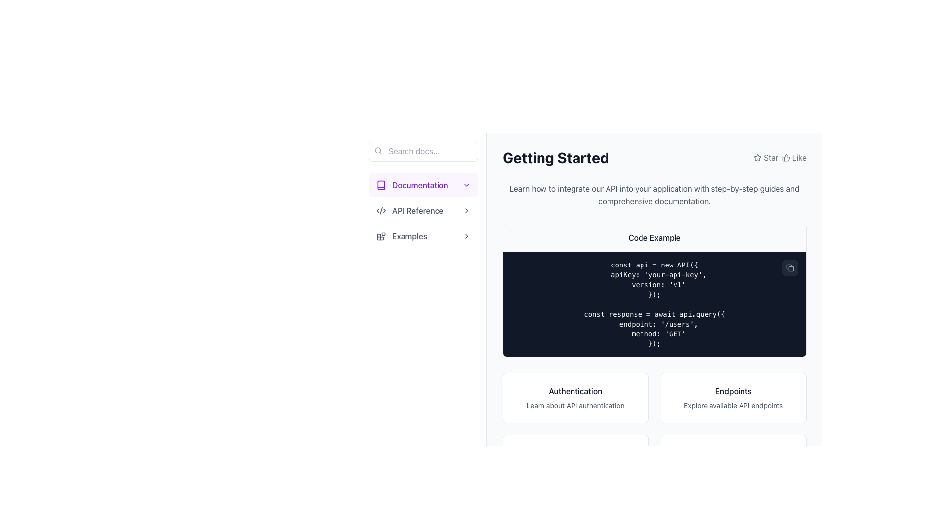 Image resolution: width=946 pixels, height=532 pixels. I want to click on instructional paragraph text located directly underneath the 'Getting Started' heading in the right-hand section of the interface, positioned before the 'Code Example' box, so click(654, 195).